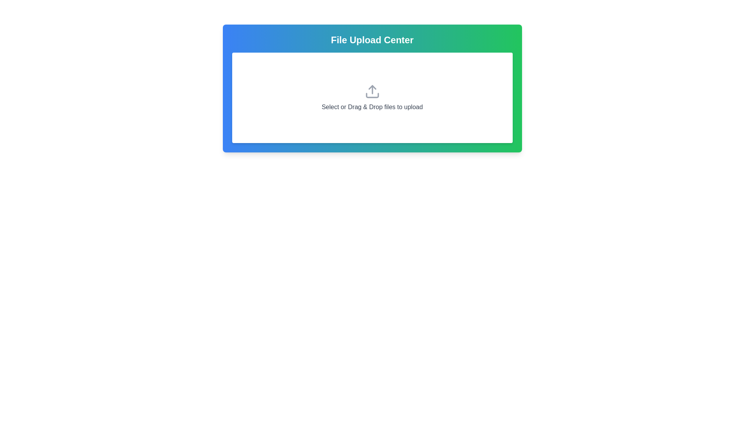 This screenshot has width=748, height=421. Describe the element at coordinates (372, 97) in the screenshot. I see `the text label that says 'Select or Drag & Drop files to upload', which is located centrally below an upward-pointing arrow icon in the main upload box` at that location.